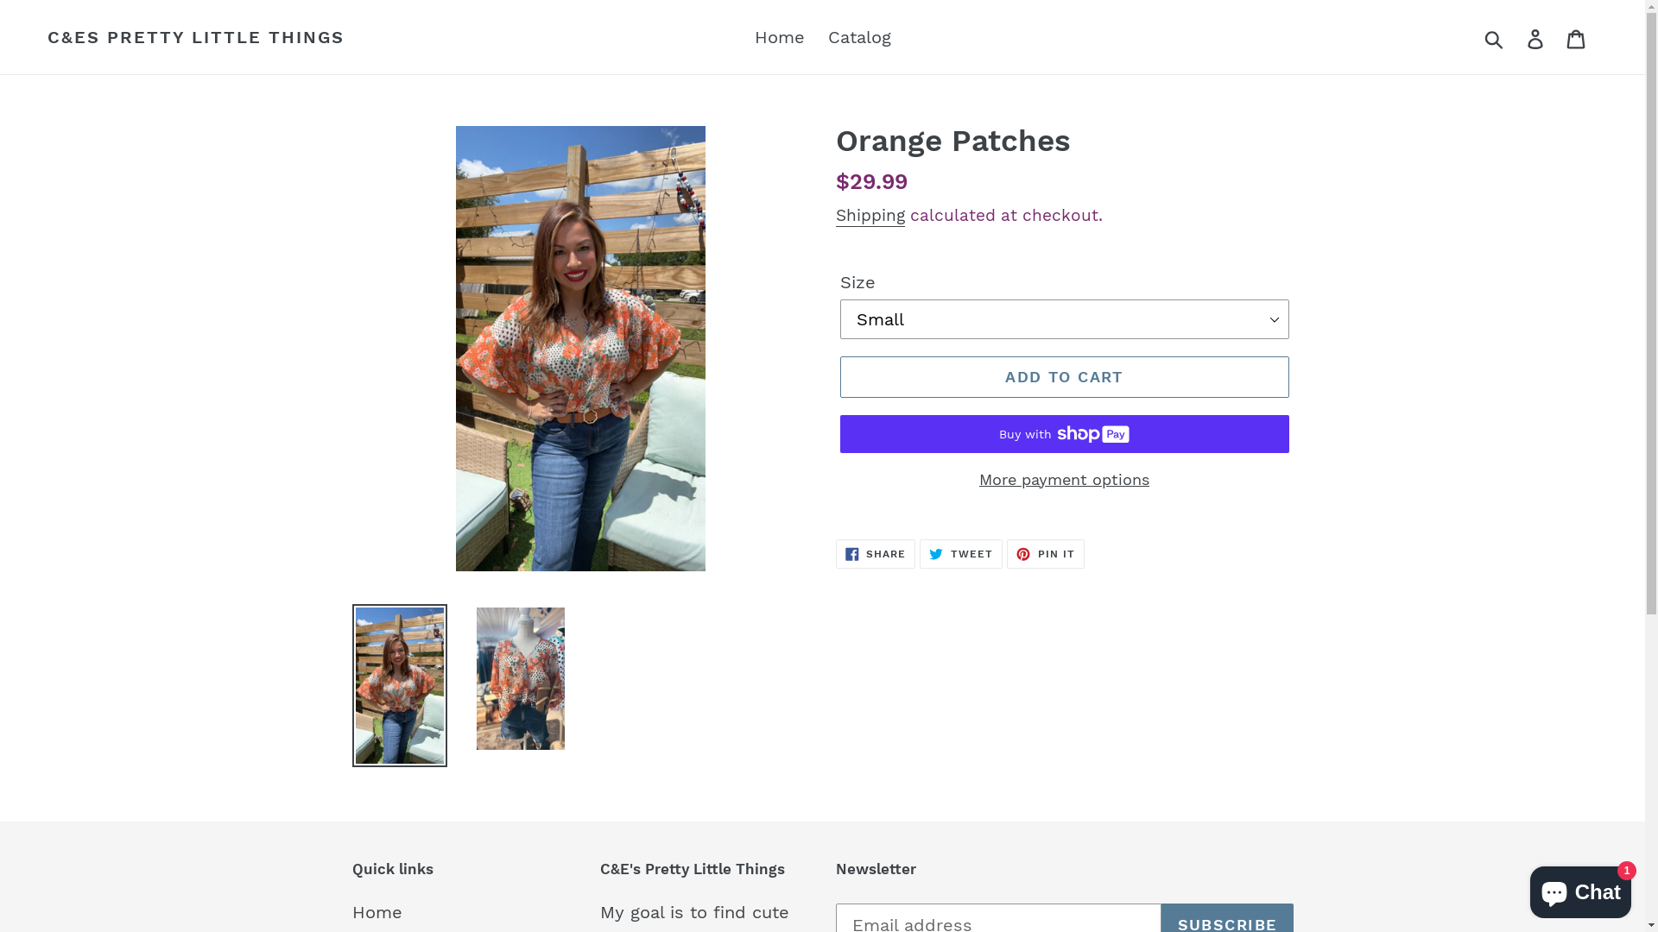 Image resolution: width=1658 pixels, height=932 pixels. What do you see at coordinates (960, 553) in the screenshot?
I see `'TWEET` at bounding box center [960, 553].